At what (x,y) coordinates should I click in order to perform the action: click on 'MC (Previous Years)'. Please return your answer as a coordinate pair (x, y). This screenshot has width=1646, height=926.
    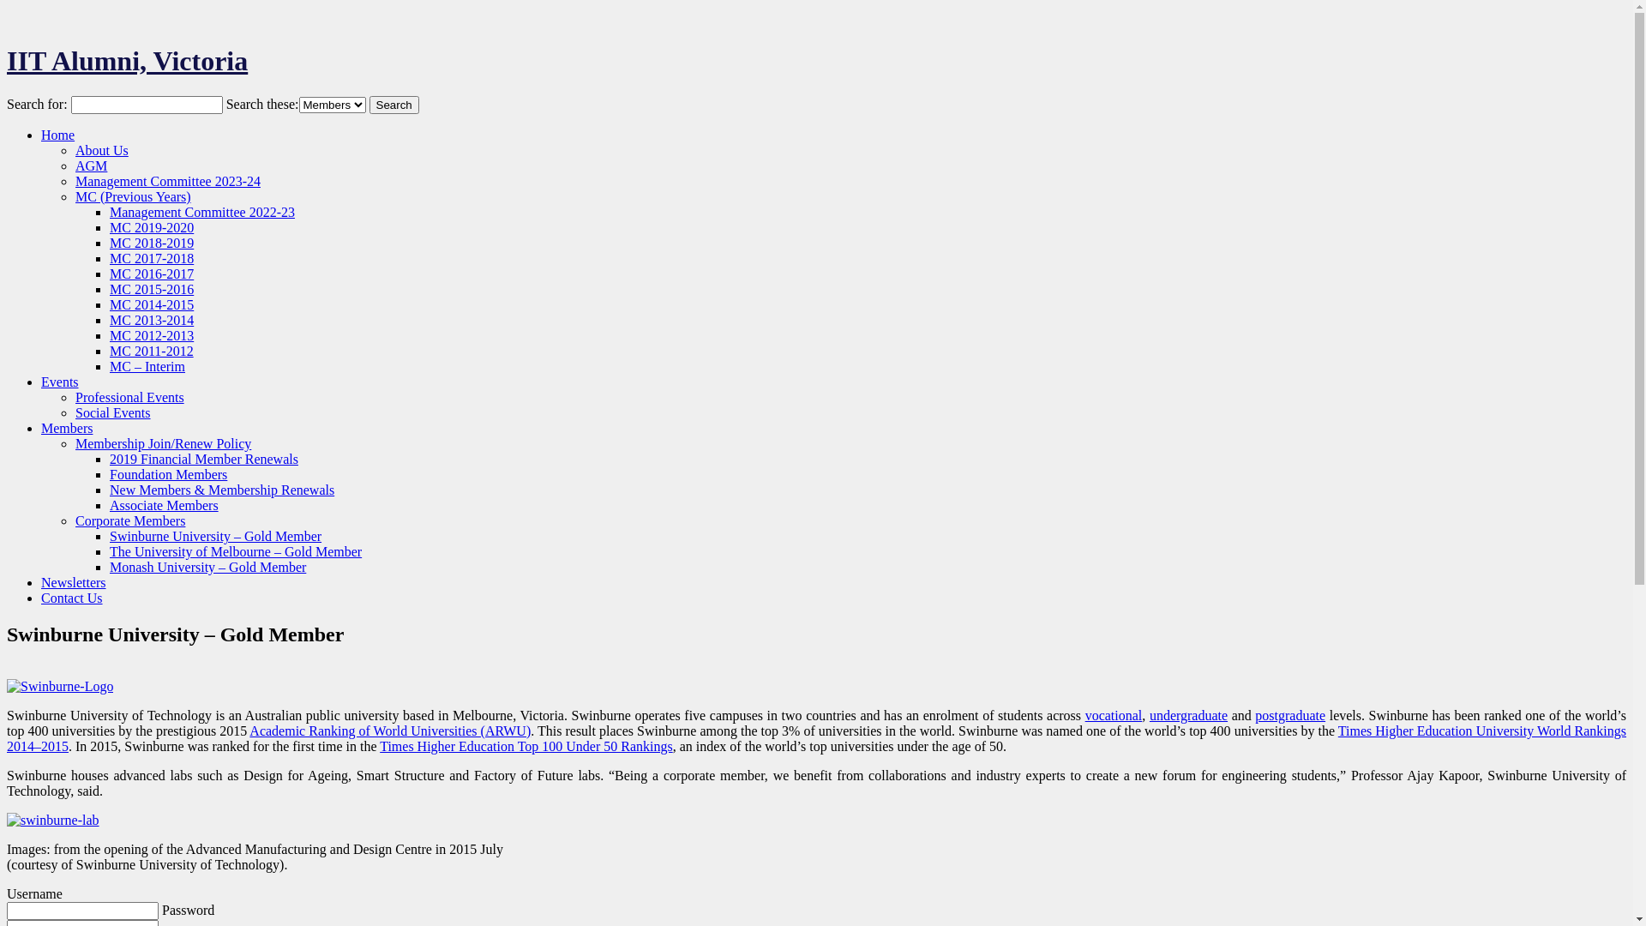
    Looking at the image, I should click on (132, 195).